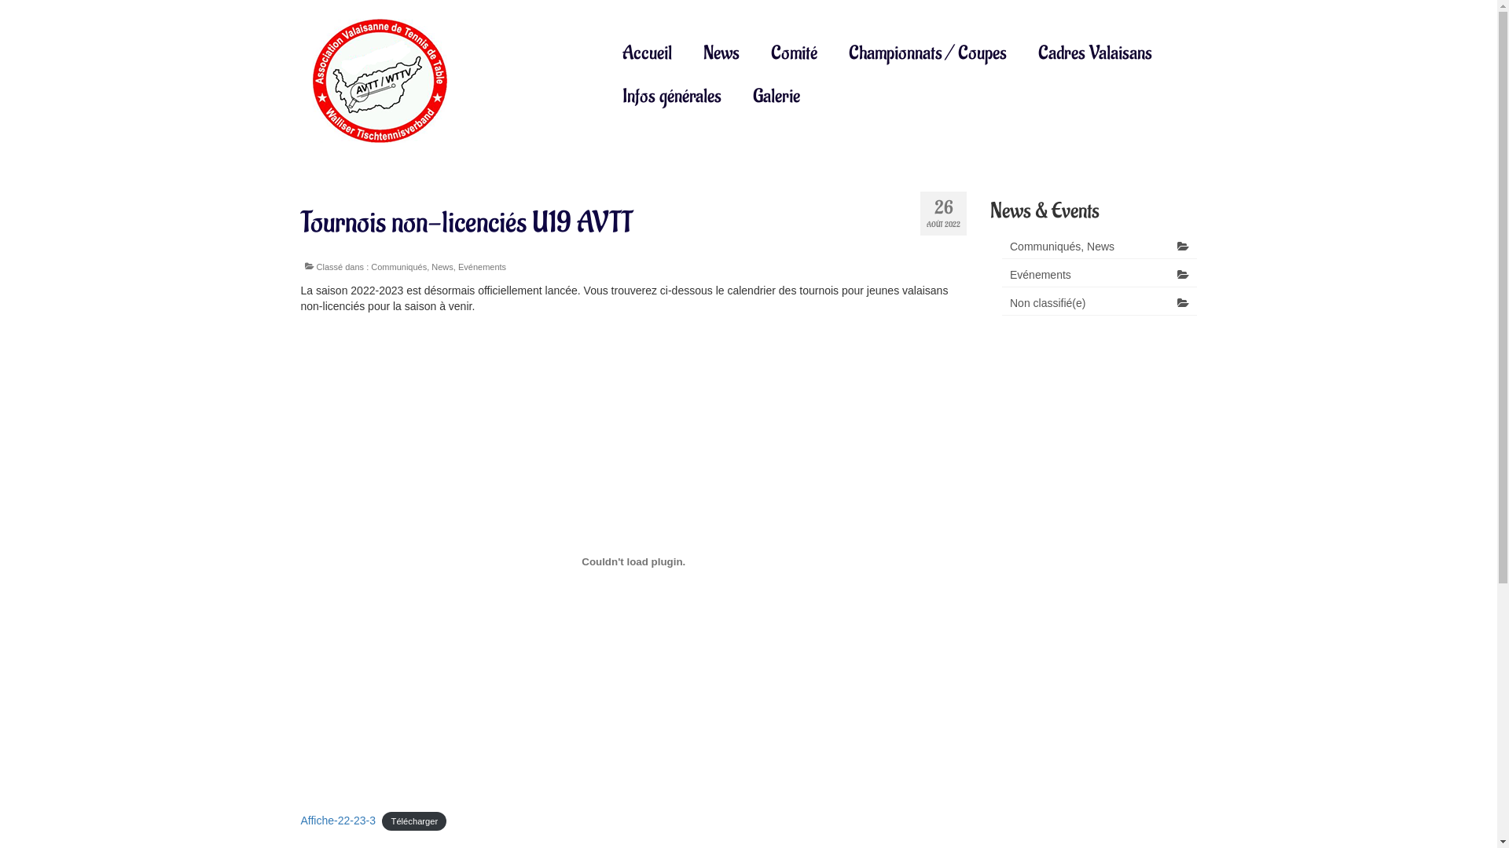  What do you see at coordinates (927, 52) in the screenshot?
I see `'Championnats / Coupes'` at bounding box center [927, 52].